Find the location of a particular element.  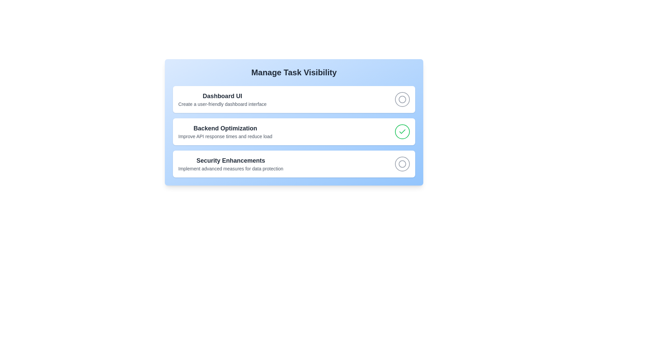

the selectable circular toggle icon located at the far right of the top card under the 'Dashboard UI' heading is located at coordinates (402, 99).